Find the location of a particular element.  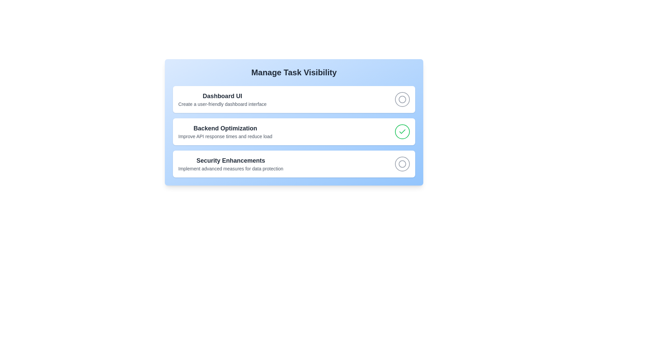

the selectable circular toggle icon located at the far right of the top card under the 'Dashboard UI' heading is located at coordinates (402, 99).